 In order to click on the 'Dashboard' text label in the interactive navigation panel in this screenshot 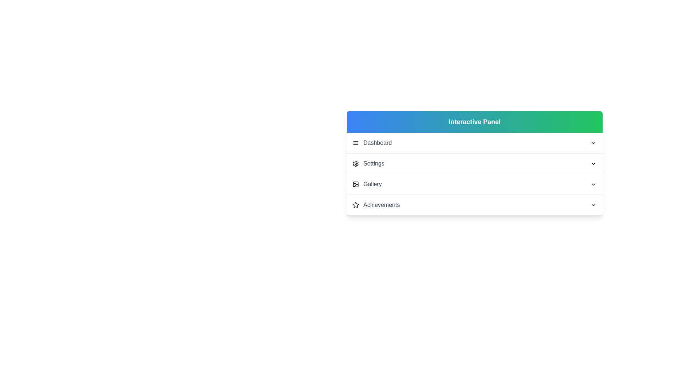, I will do `click(378, 143)`.